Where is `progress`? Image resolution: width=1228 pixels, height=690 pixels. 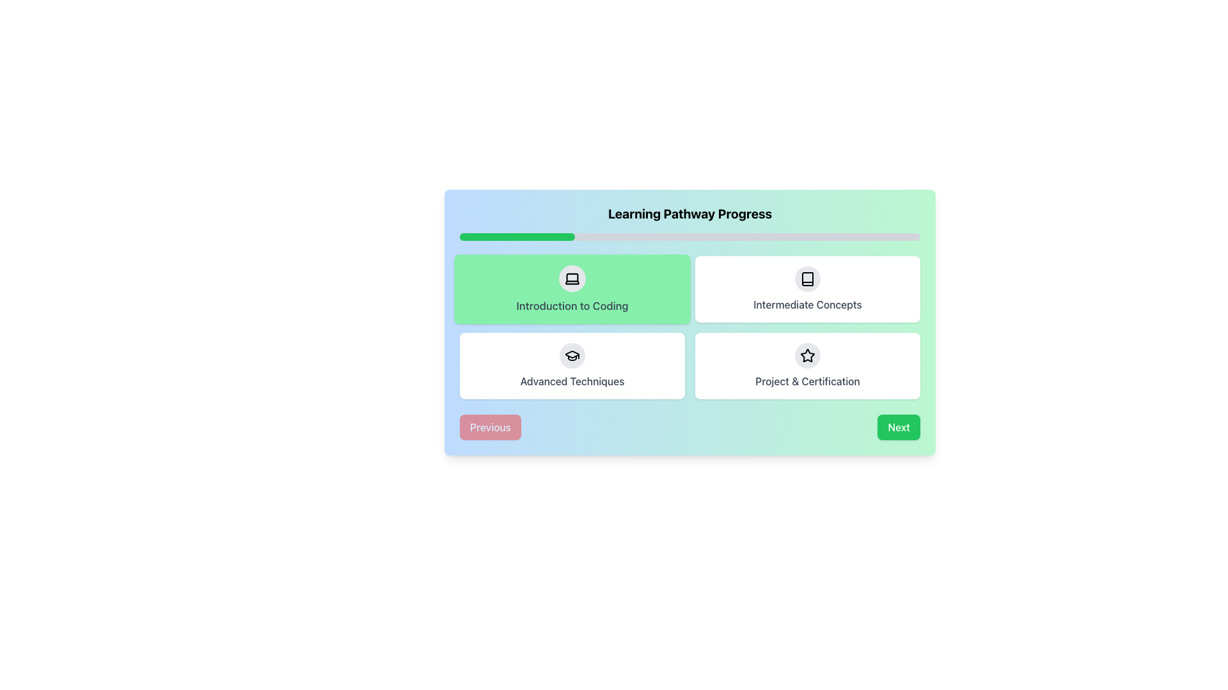 progress is located at coordinates (653, 236).